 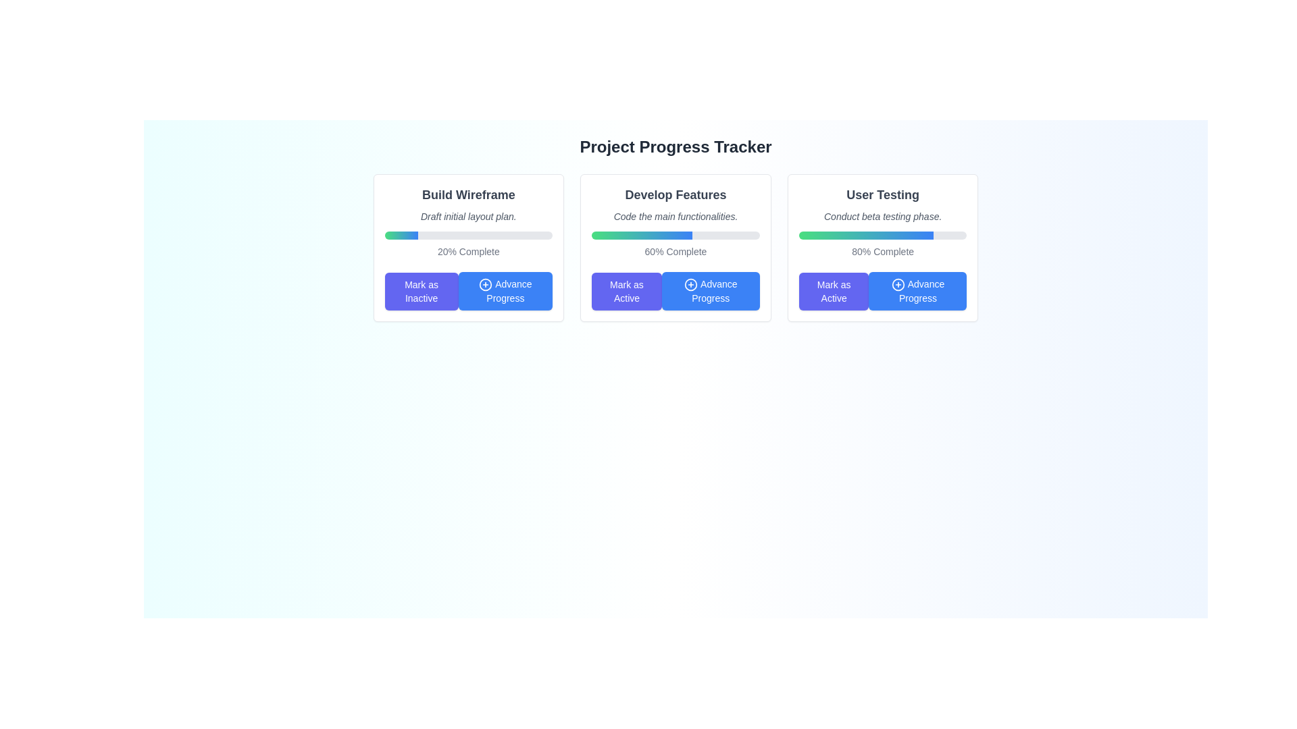 What do you see at coordinates (468, 234) in the screenshot?
I see `the Progress bar that visually indicates the completion percentage of the 'Build Wireframe' task, located centrally within the 'Build Wireframe' card` at bounding box center [468, 234].